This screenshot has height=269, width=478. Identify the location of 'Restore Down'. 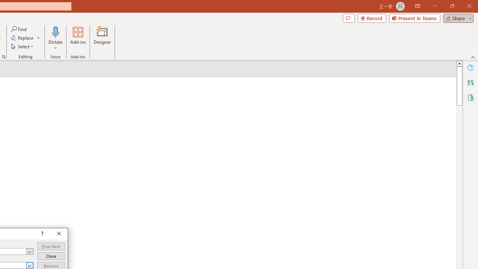
(451, 6).